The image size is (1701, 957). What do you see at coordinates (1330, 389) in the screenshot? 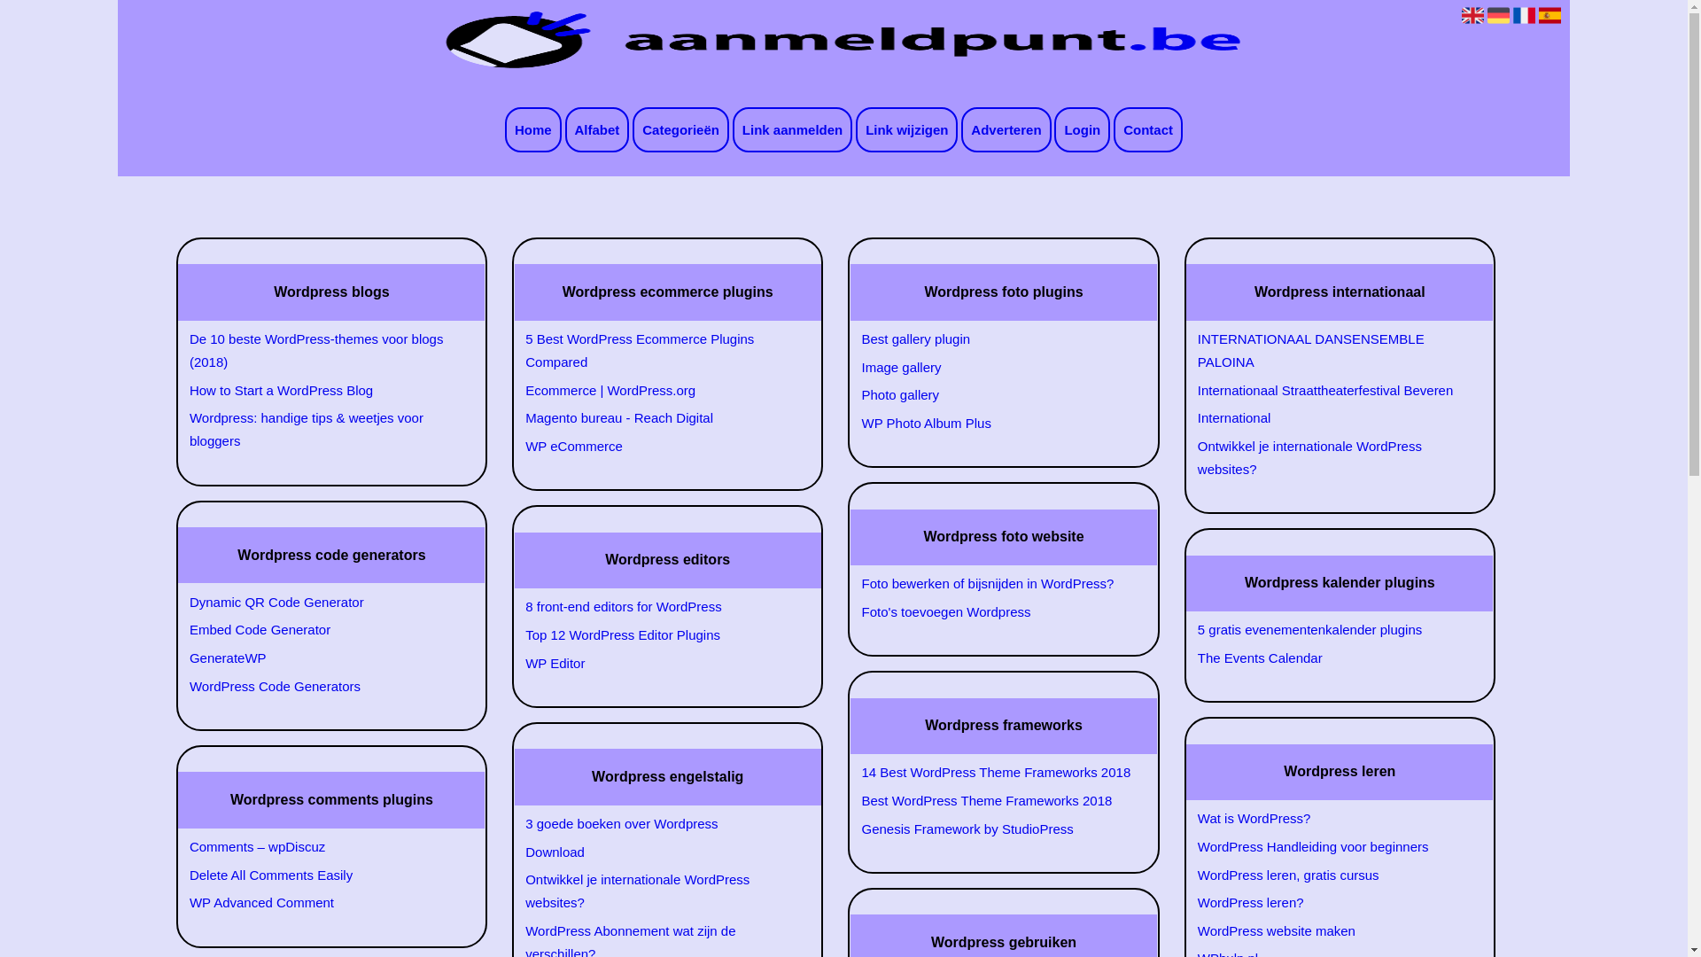
I see `'Internationaal Straattheaterfestival Beveren'` at bounding box center [1330, 389].